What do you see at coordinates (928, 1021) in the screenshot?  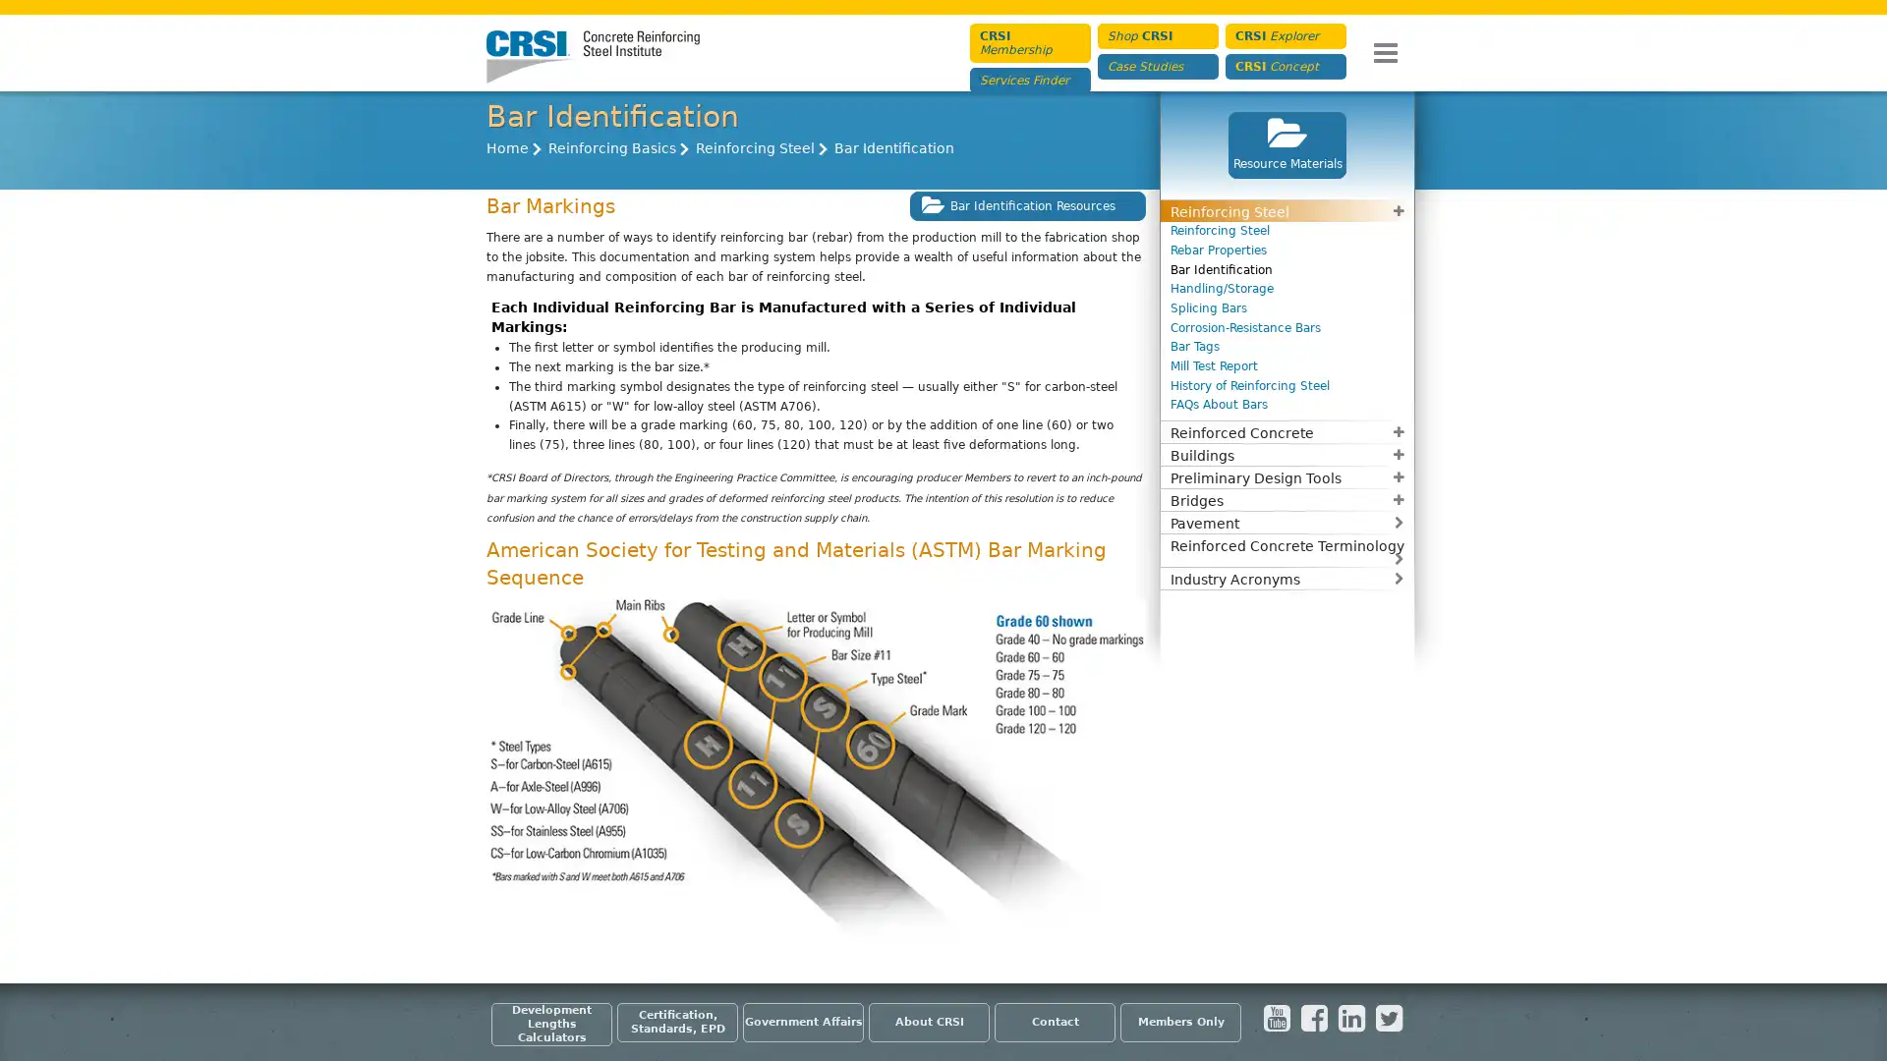 I see `About CRSI` at bounding box center [928, 1021].